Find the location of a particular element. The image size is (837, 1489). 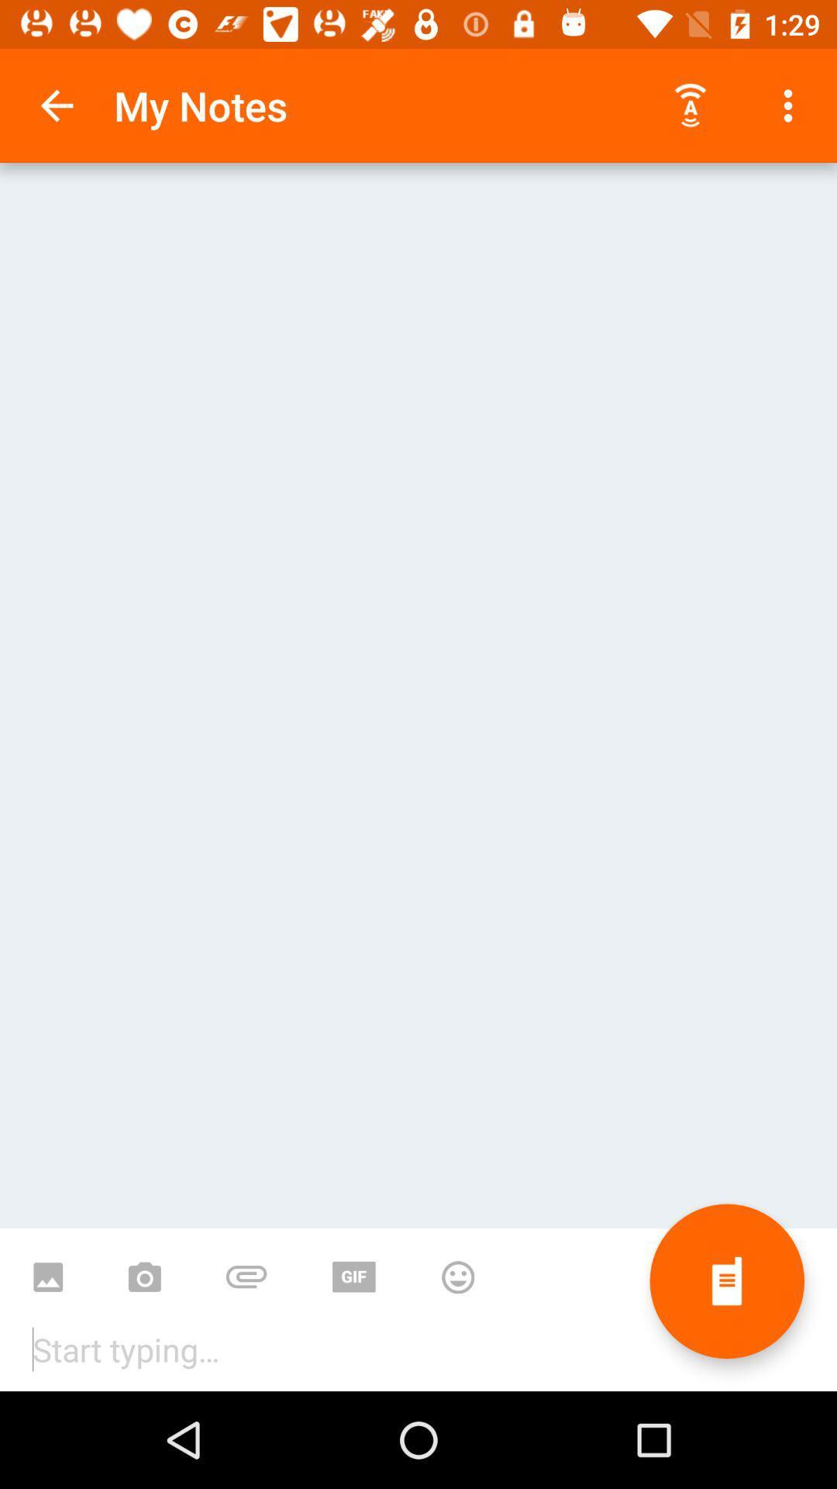

the wallpaper icon is located at coordinates (354, 1266).